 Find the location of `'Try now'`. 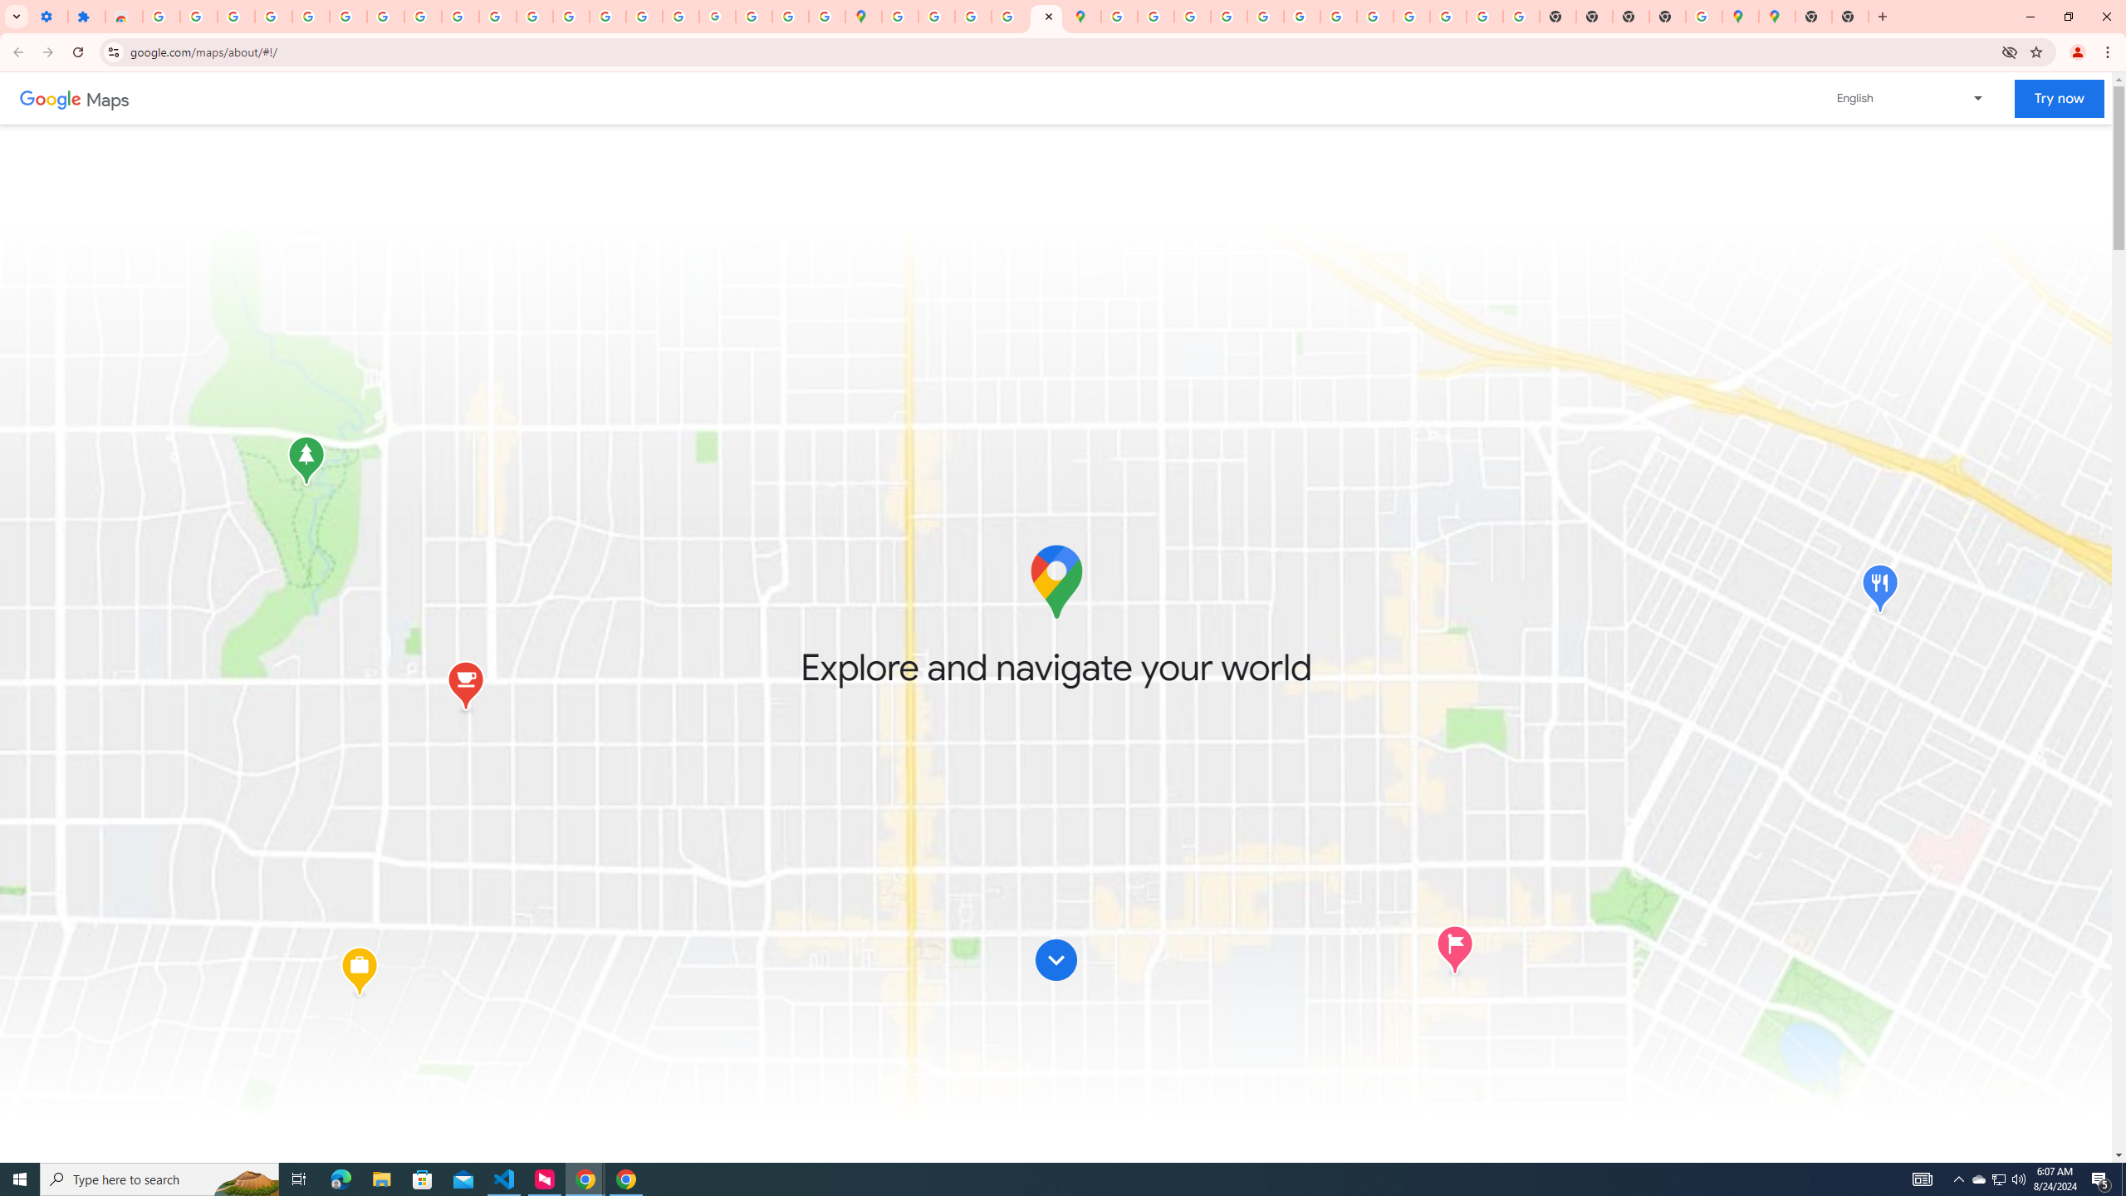

'Try now' is located at coordinates (2058, 98).